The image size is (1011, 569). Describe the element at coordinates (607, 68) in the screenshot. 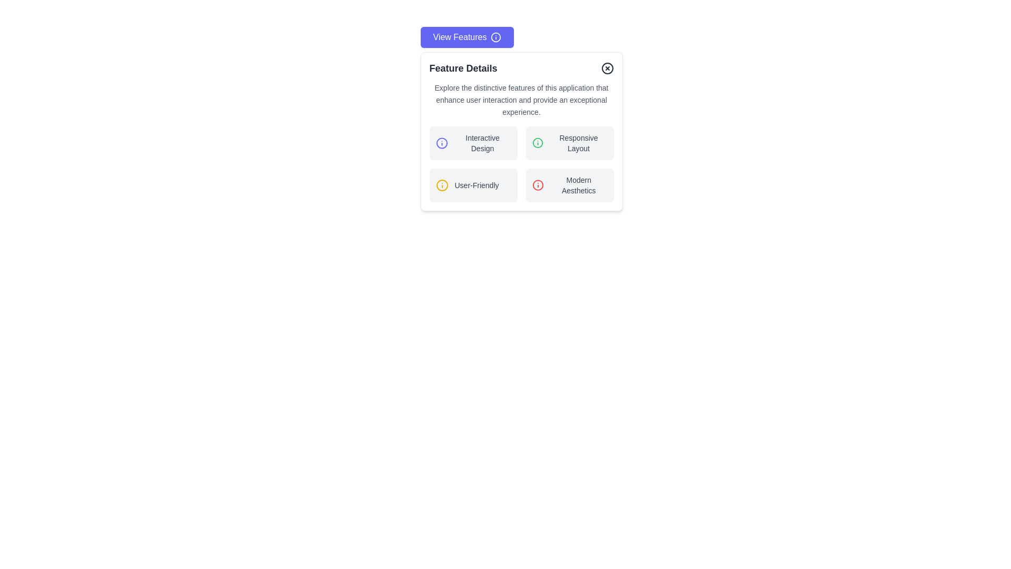

I see `the hollow circular UI element that is part of the SVG icon in the top-right corner of the 'Feature Details' card component` at that location.